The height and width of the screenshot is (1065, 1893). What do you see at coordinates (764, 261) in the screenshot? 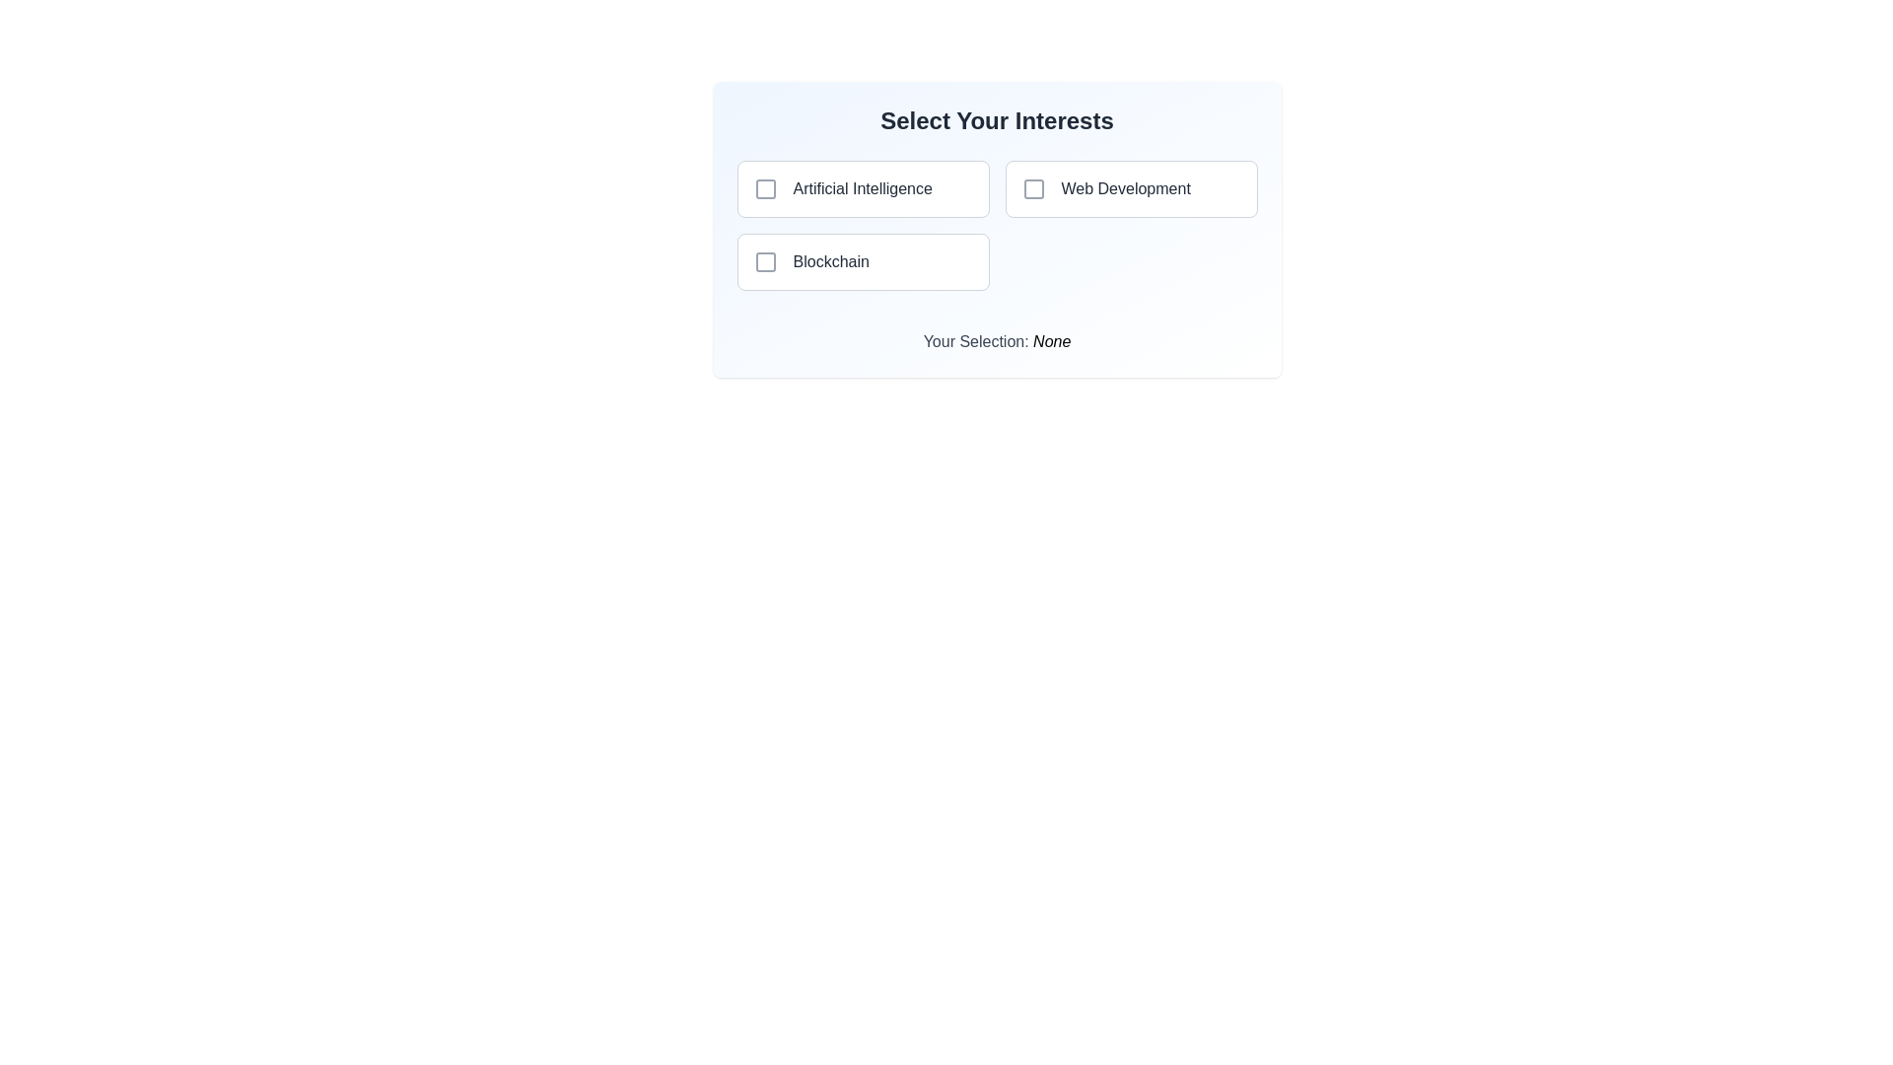
I see `the square-shaped checkbox with rounded corners located to the left of the 'Blockchain' text label` at bounding box center [764, 261].